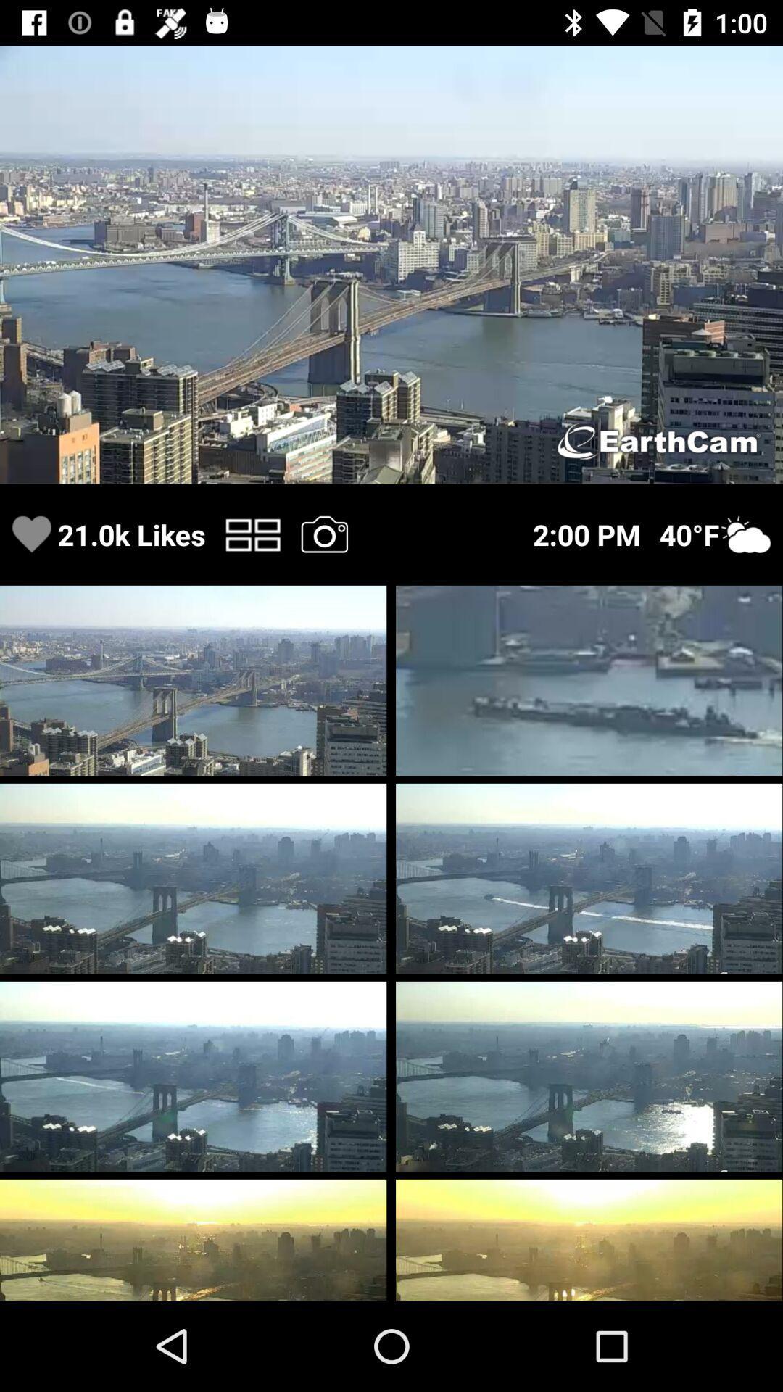 This screenshot has width=783, height=1392. What do you see at coordinates (589, 680) in the screenshot?
I see `the image below the 200 pm` at bounding box center [589, 680].